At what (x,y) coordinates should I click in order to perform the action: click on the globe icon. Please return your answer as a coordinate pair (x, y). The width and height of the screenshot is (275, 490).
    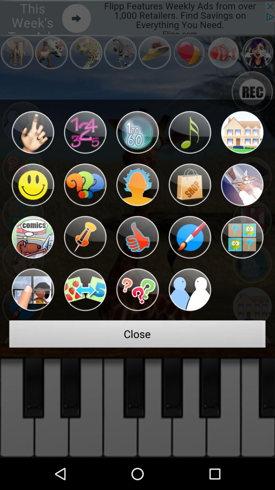
    Looking at the image, I should click on (242, 198).